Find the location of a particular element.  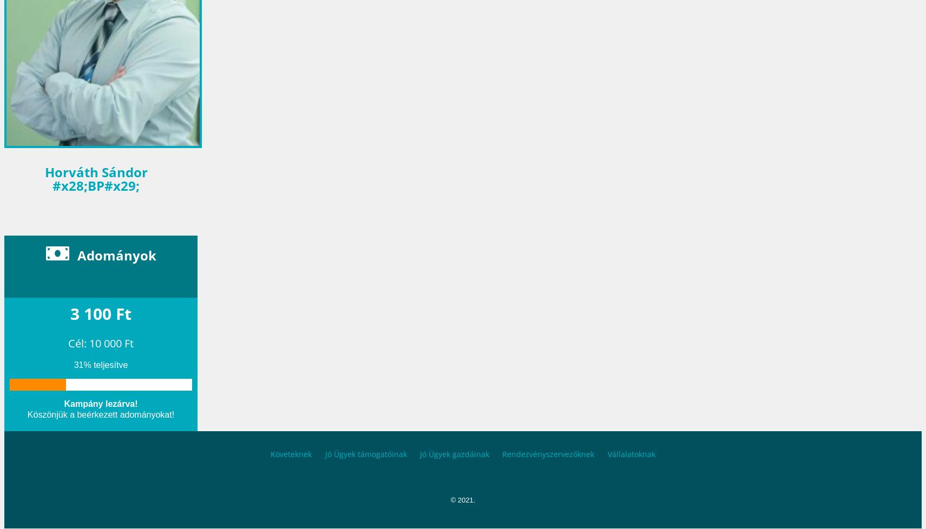

'Követeknek' is located at coordinates (291, 453).